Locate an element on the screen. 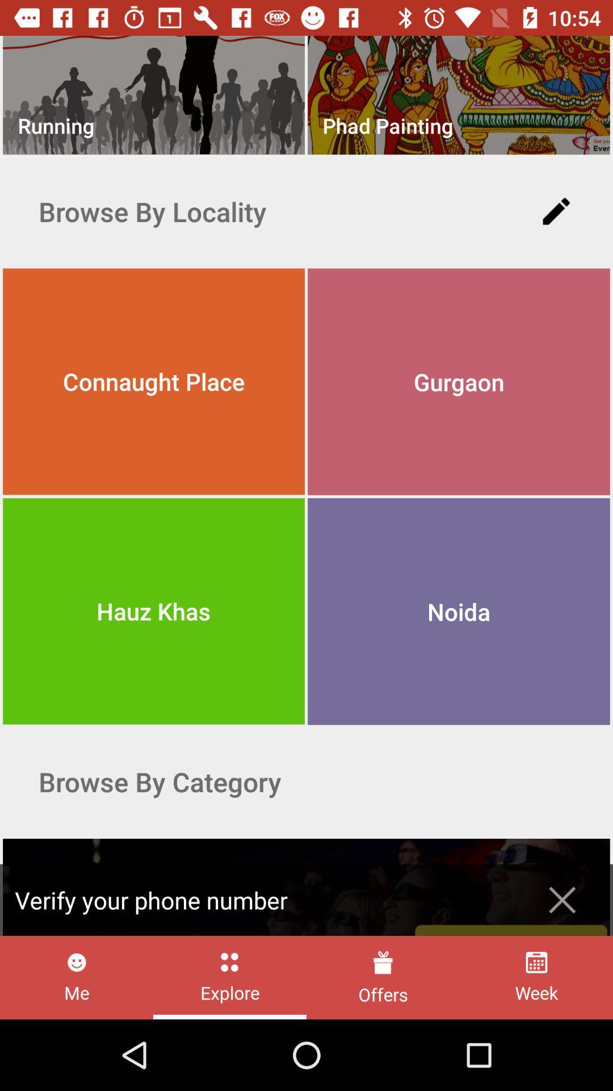 The height and width of the screenshot is (1091, 613). item next to explore icon is located at coordinates (383, 977).